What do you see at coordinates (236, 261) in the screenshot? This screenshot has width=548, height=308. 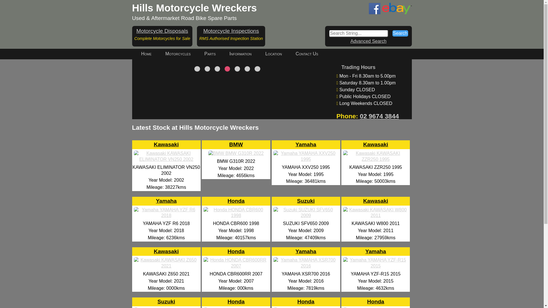 I see `'Honda'` at bounding box center [236, 261].